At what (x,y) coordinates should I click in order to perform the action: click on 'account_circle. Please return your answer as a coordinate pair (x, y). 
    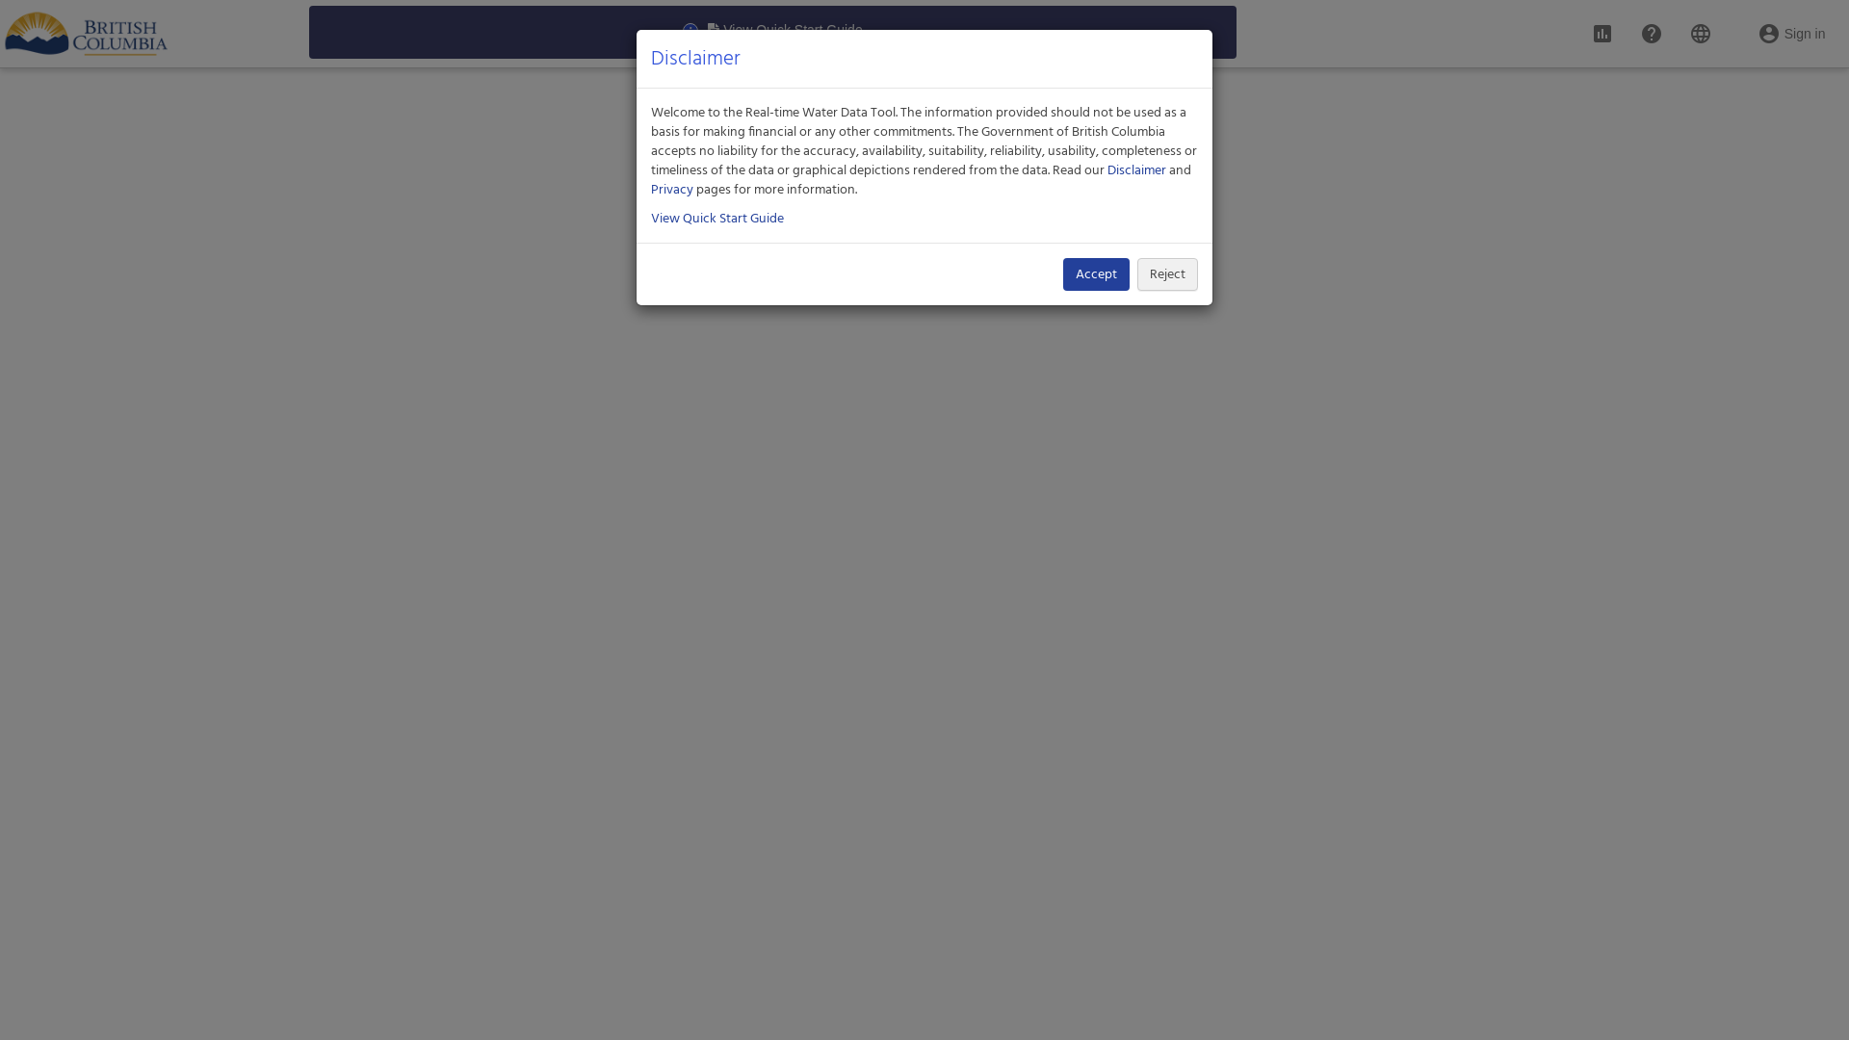
    Looking at the image, I should click on (1790, 25).